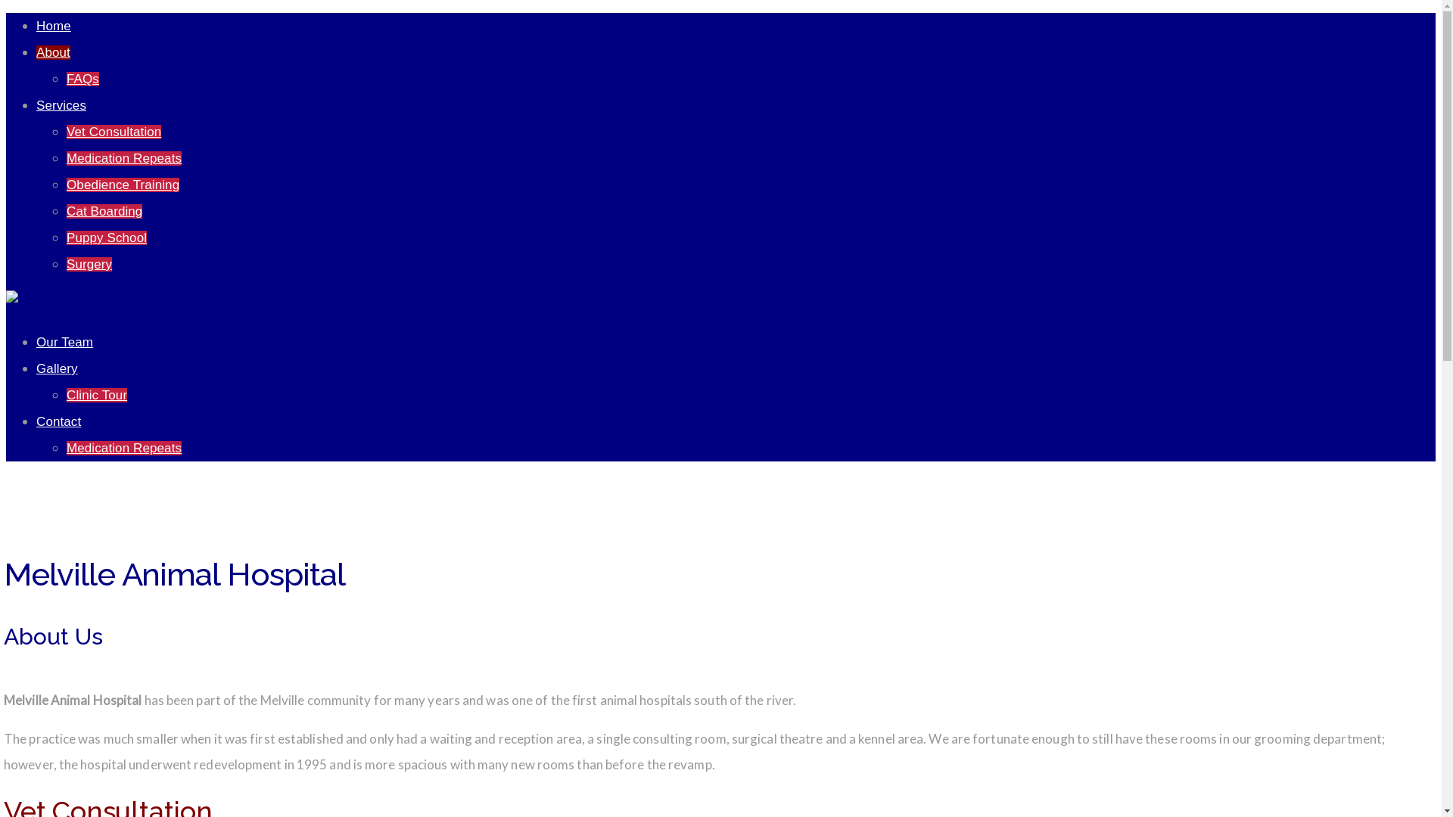  What do you see at coordinates (61, 104) in the screenshot?
I see `'Services'` at bounding box center [61, 104].